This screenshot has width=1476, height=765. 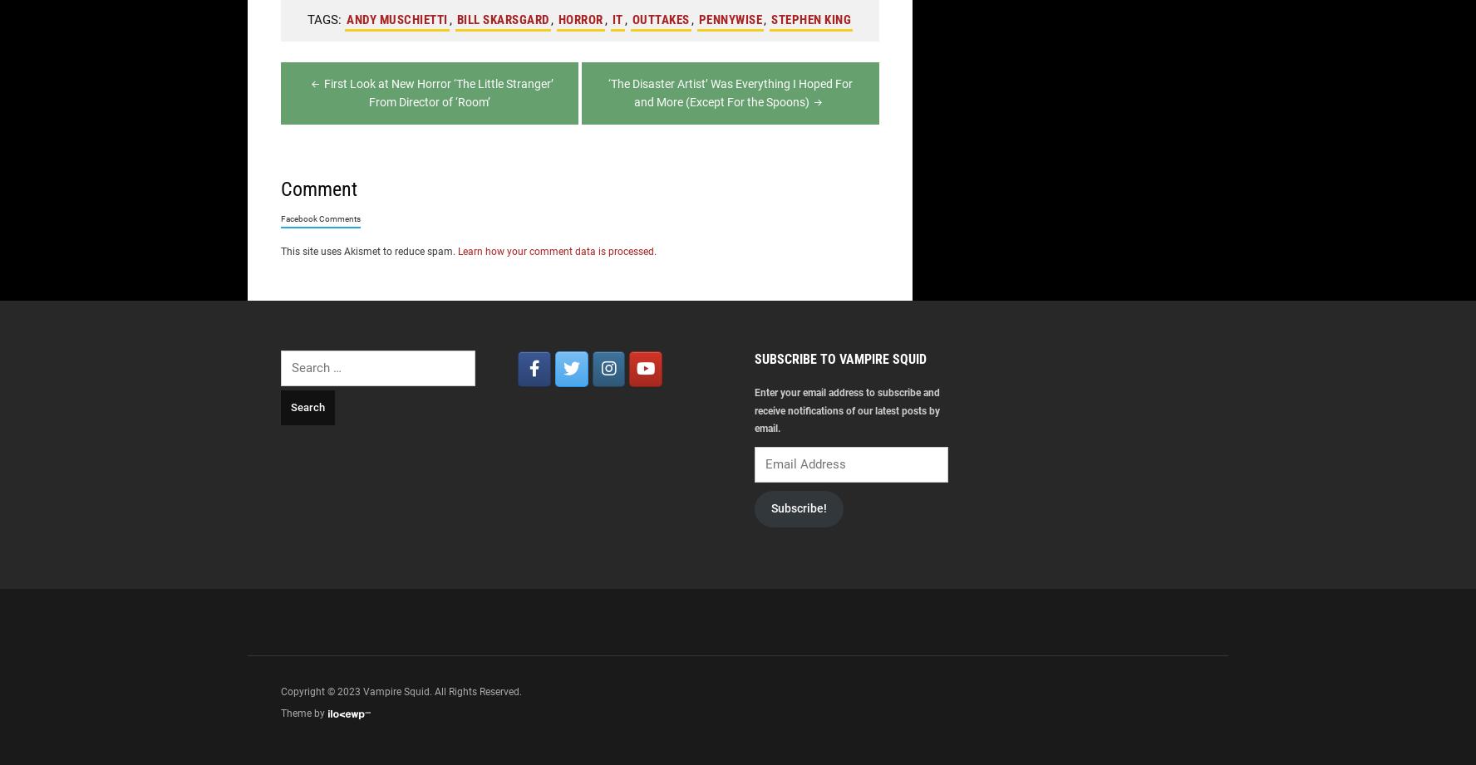 What do you see at coordinates (654, 249) in the screenshot?
I see `'.'` at bounding box center [654, 249].